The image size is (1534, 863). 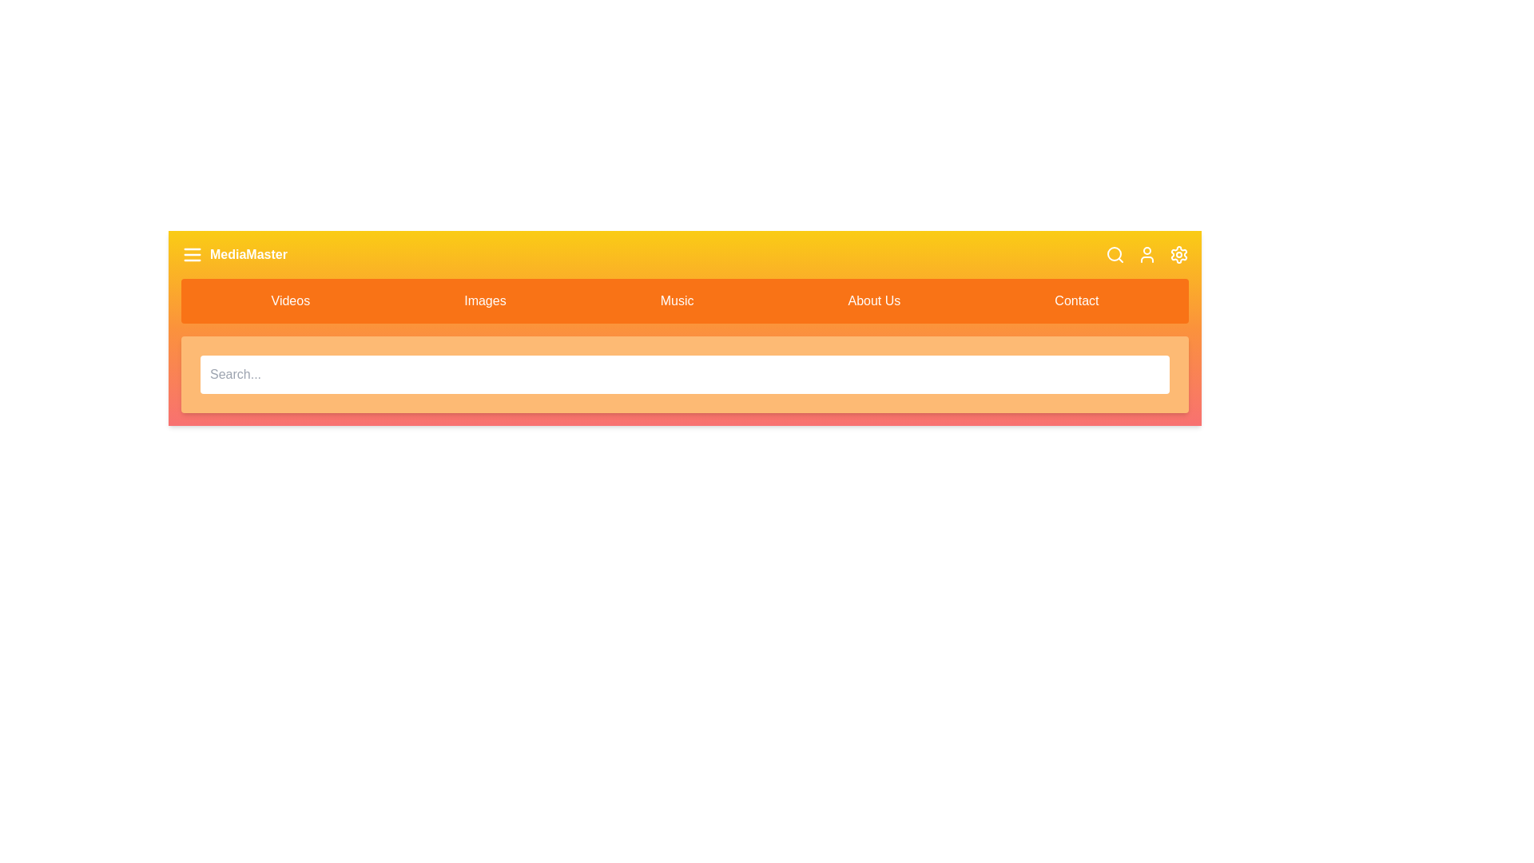 What do you see at coordinates (1076, 301) in the screenshot?
I see `the navigation item Contact to navigate` at bounding box center [1076, 301].